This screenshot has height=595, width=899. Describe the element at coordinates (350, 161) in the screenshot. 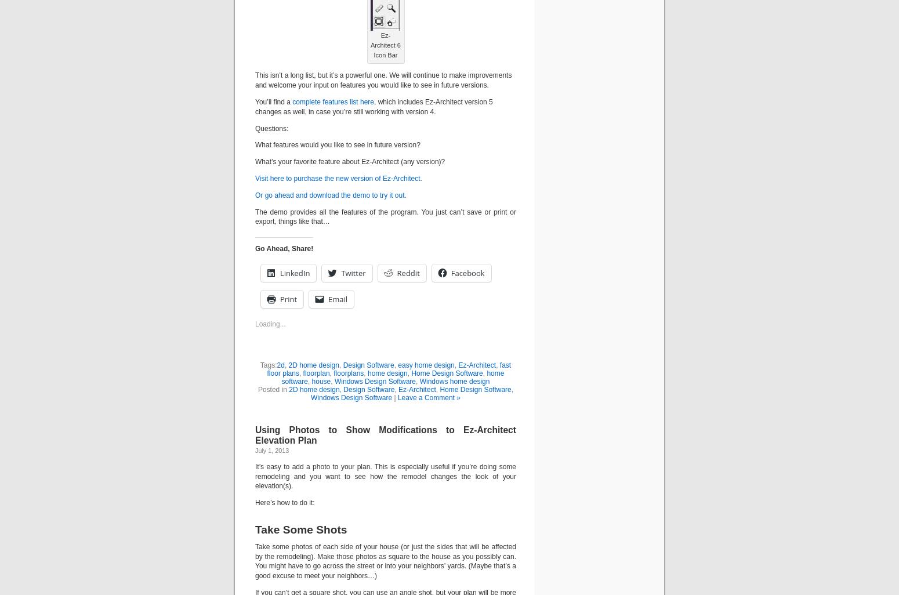

I see `'What’s your favorite feature about Ez-Architect (any version)?'` at that location.